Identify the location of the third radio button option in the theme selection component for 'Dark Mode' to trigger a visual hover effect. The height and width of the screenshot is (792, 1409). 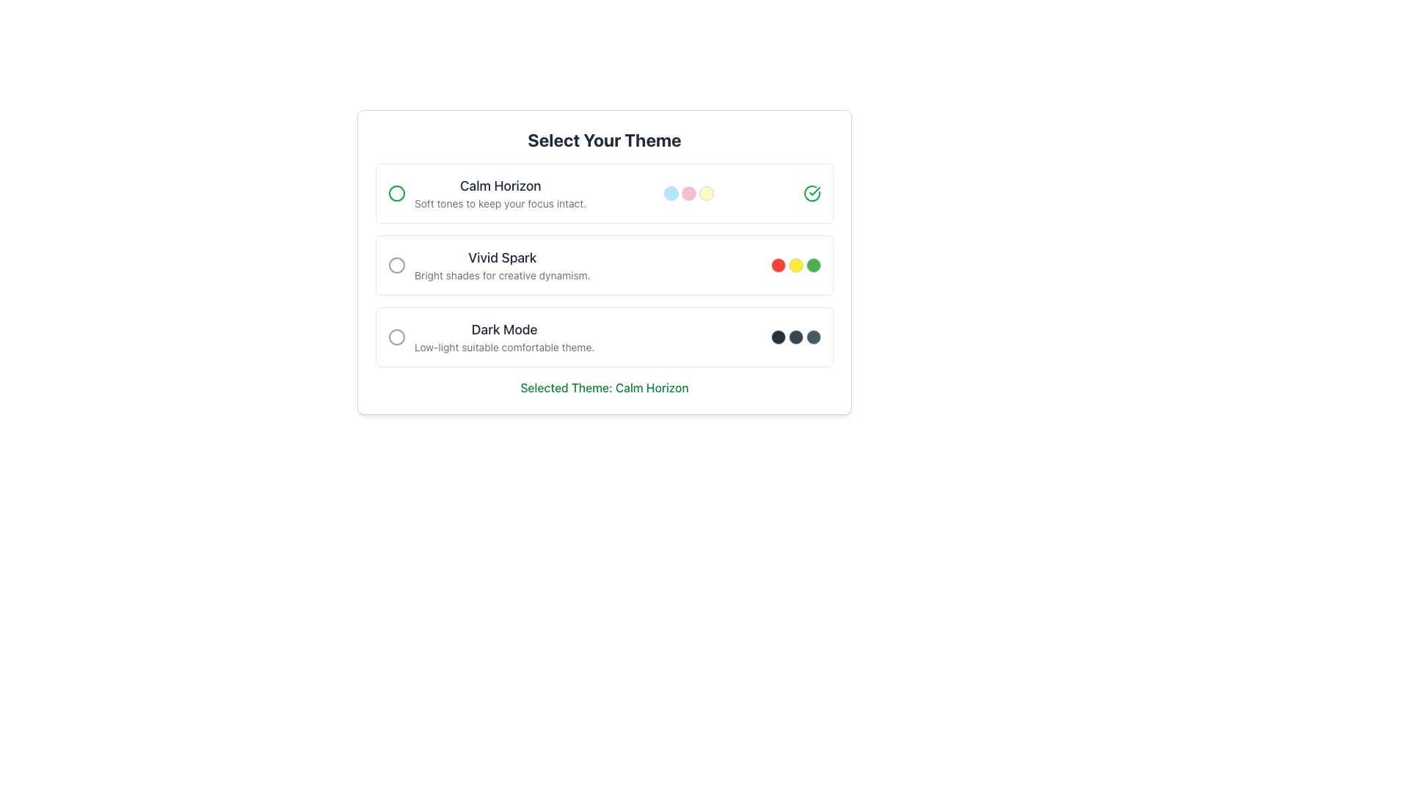
(605, 337).